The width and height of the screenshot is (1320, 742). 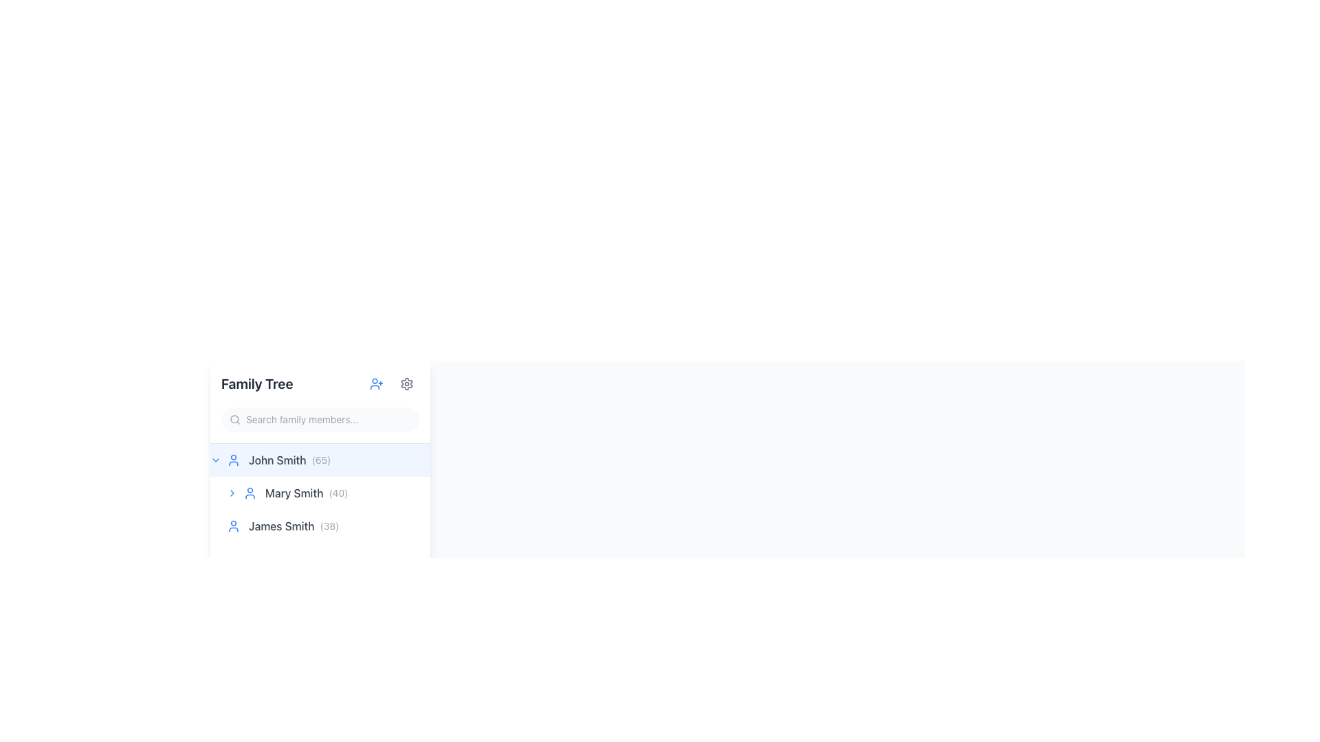 What do you see at coordinates (320, 460) in the screenshot?
I see `numerical value displayed in parentheses, which is '(65)', located immediately to the right of 'John Smith' in a light blue highlighted row` at bounding box center [320, 460].